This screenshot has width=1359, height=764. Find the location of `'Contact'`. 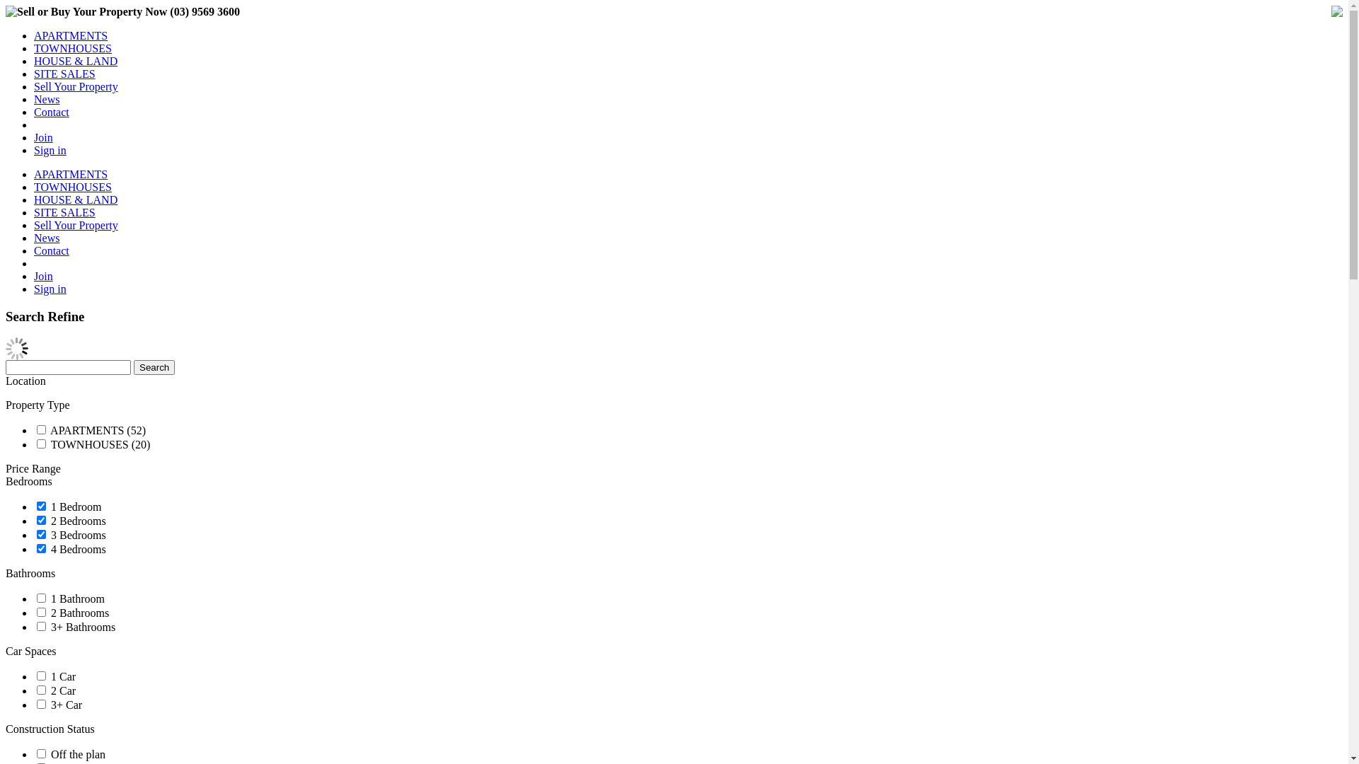

'Contact' is located at coordinates (51, 250).